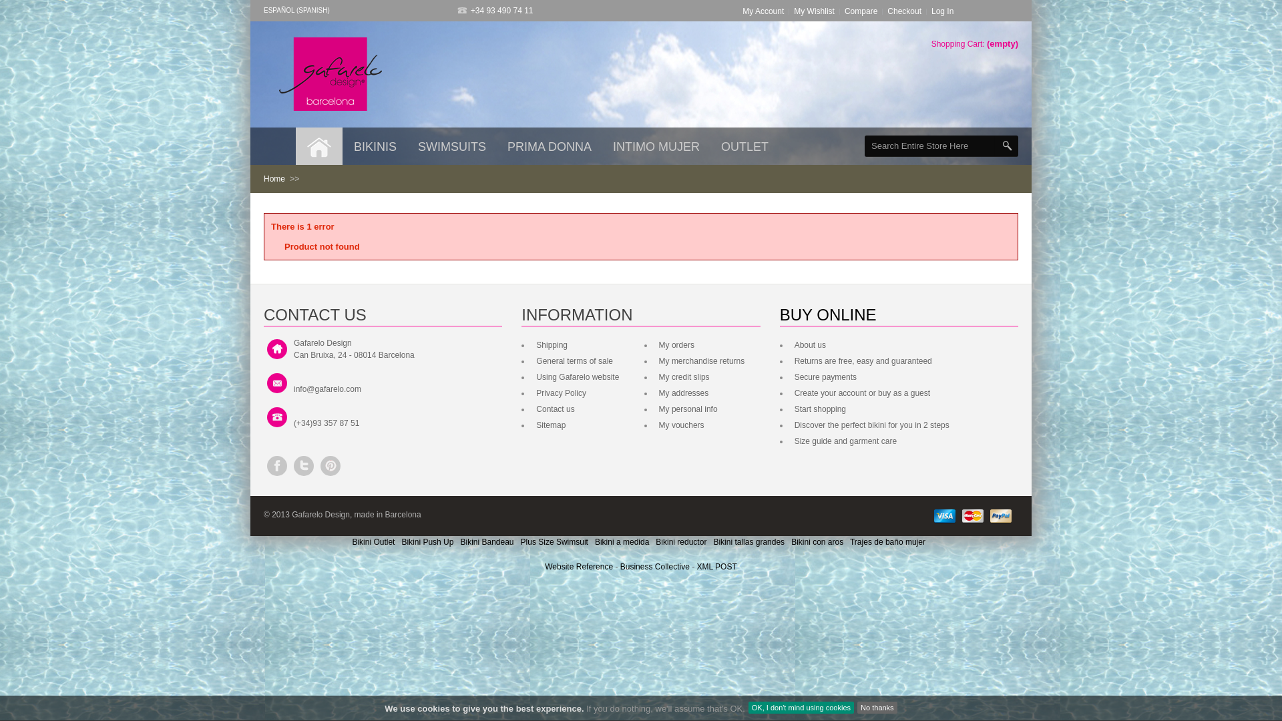 The width and height of the screenshot is (1282, 721). I want to click on 'Contact us', so click(554, 409).